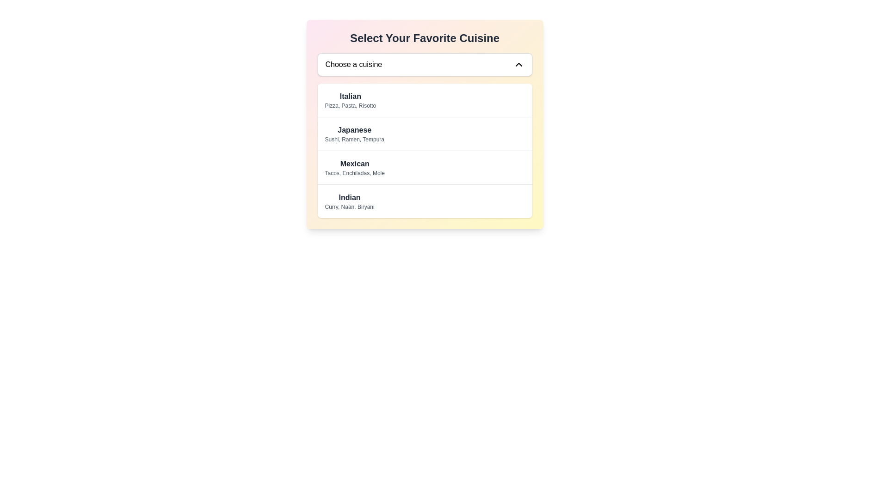 The image size is (888, 499). Describe the element at coordinates (424, 167) in the screenshot. I see `the 'Mexican' menu option in the dropdown list titled 'Select Your Favorite Cuisine'` at that location.